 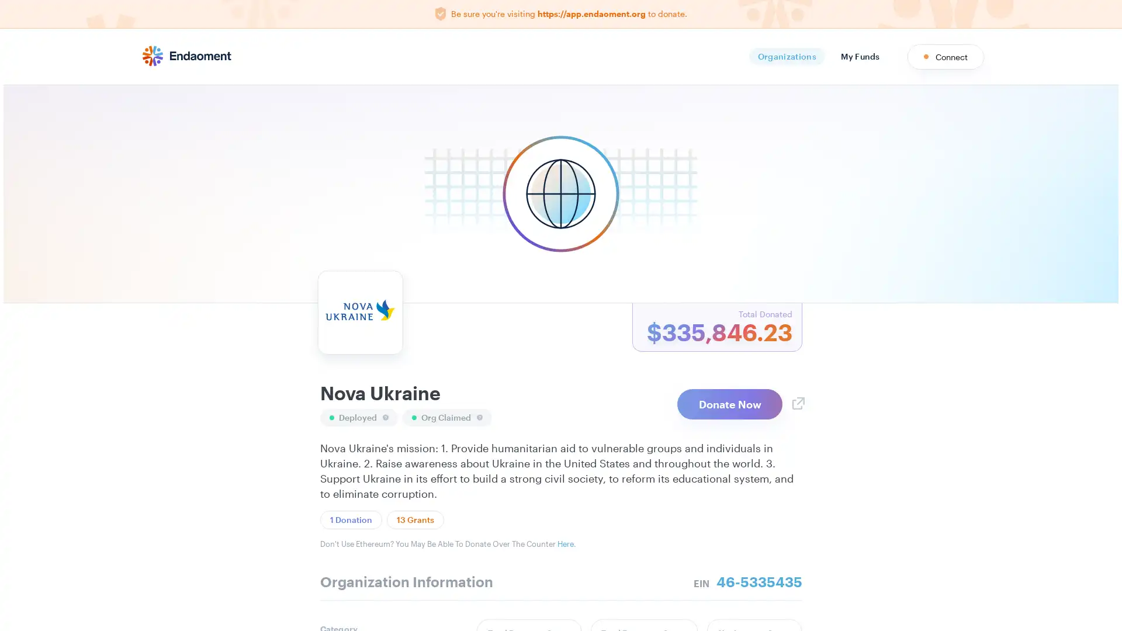 I want to click on Org Claimed, so click(x=446, y=416).